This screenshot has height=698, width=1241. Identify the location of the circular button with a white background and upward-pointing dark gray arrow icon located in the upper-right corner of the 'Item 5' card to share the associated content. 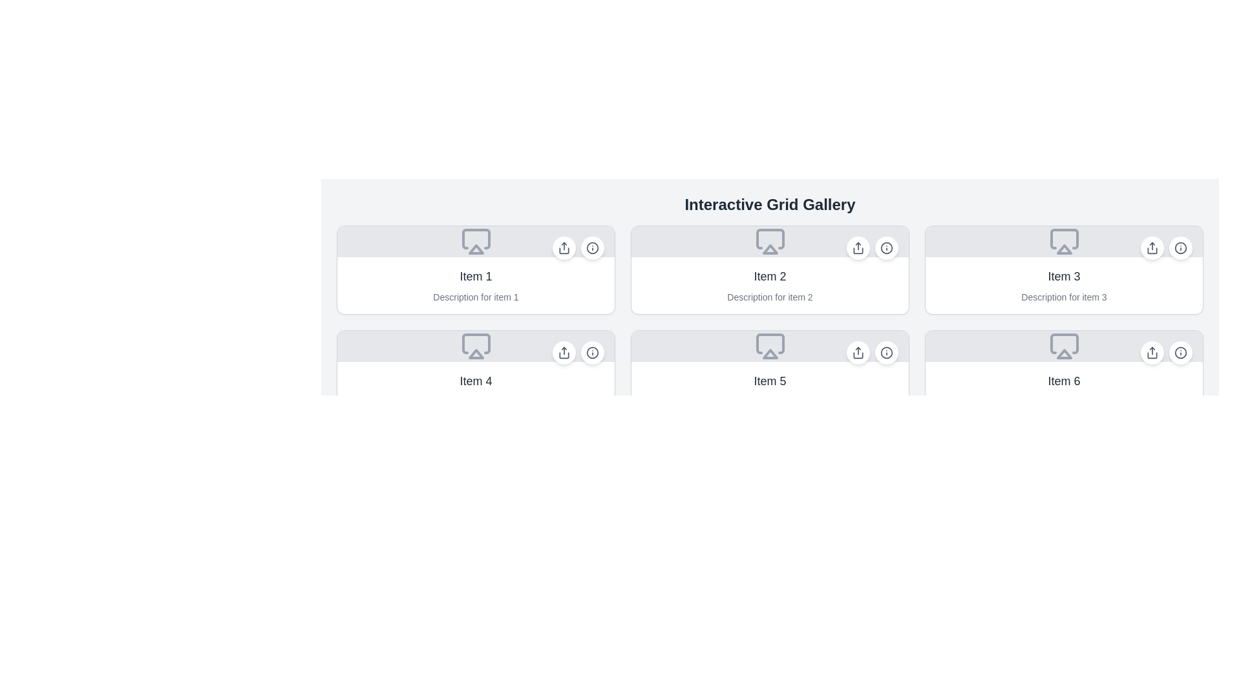
(858, 353).